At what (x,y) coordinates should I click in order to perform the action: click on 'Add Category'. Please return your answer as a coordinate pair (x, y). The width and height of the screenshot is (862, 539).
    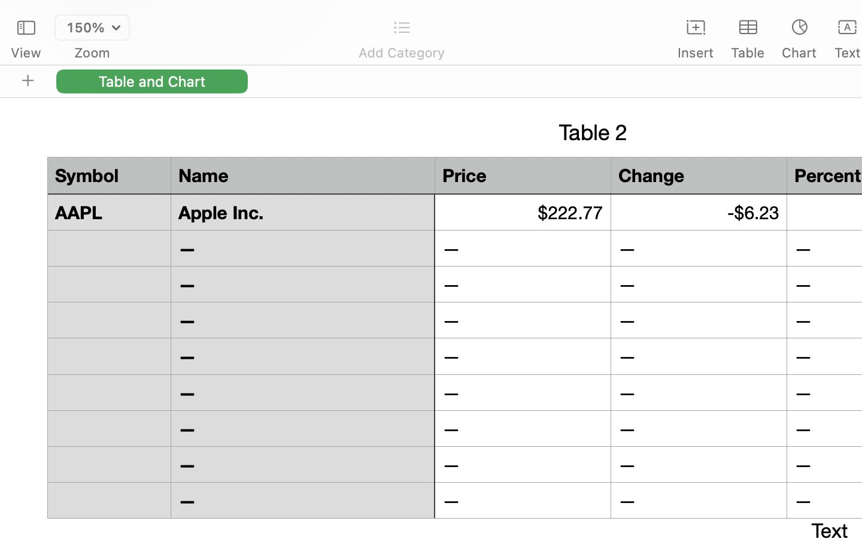
    Looking at the image, I should click on (401, 52).